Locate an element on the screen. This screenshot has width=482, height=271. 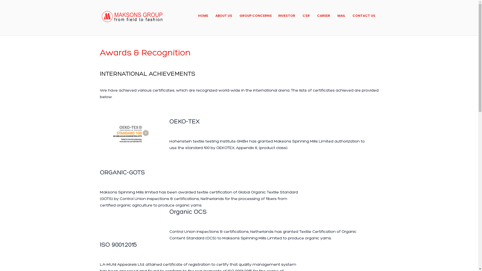
'GROUP CONCERNS' is located at coordinates (256, 15).